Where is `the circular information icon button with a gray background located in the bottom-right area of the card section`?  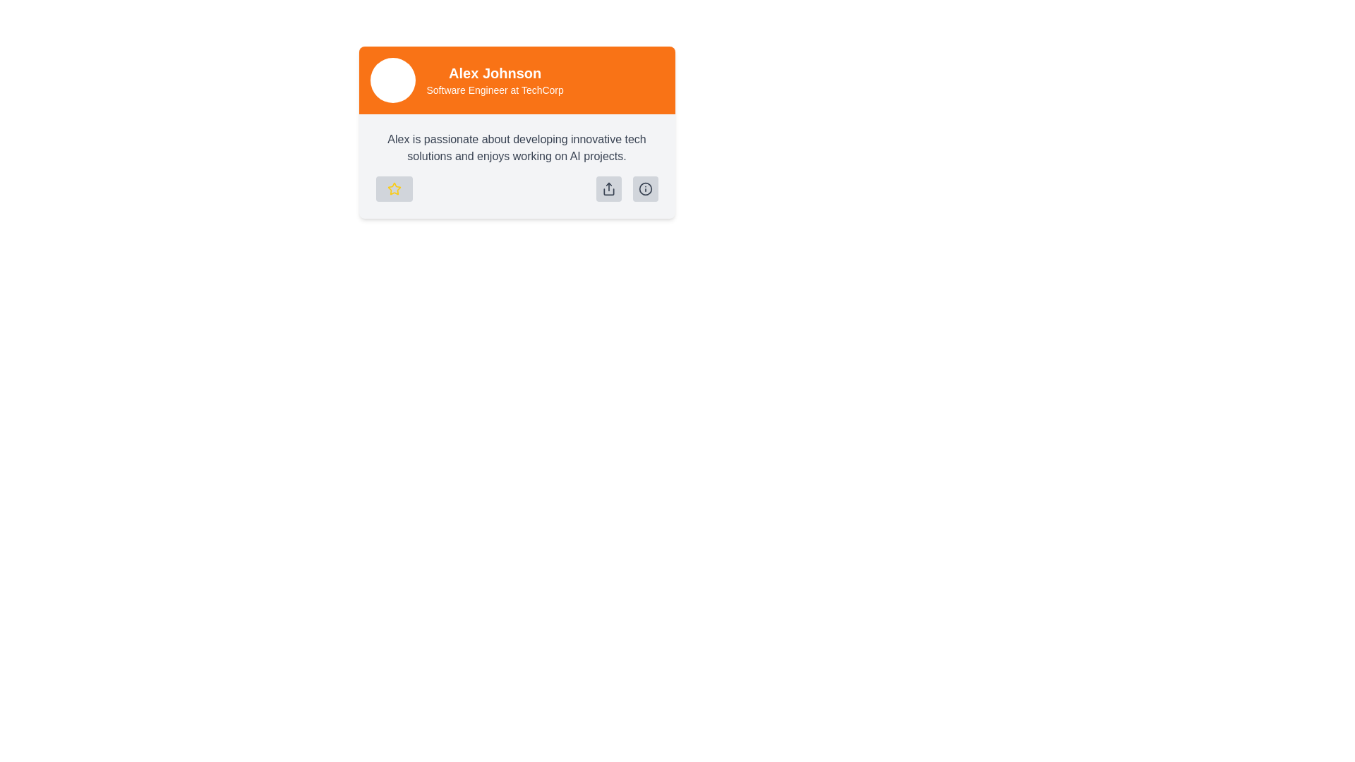
the circular information icon button with a gray background located in the bottom-right area of the card section is located at coordinates (644, 188).